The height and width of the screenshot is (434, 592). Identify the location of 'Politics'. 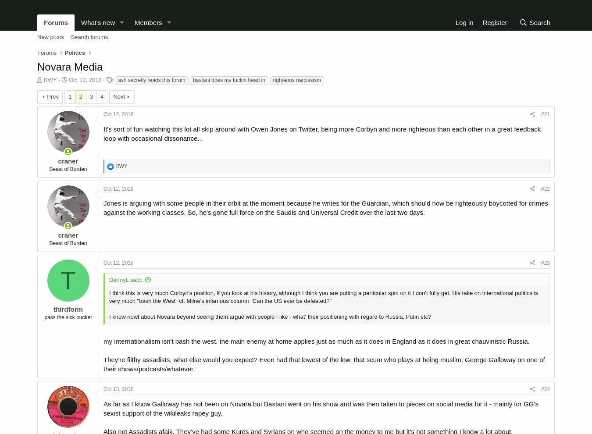
(74, 52).